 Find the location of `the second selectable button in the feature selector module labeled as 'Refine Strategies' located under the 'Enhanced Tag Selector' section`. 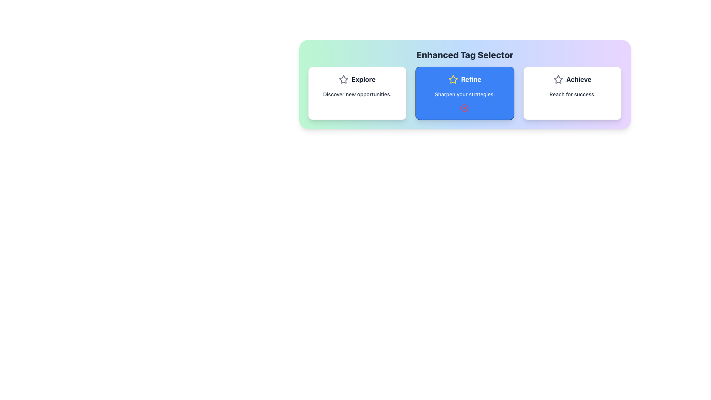

the second selectable button in the feature selector module labeled as 'Refine Strategies' located under the 'Enhanced Tag Selector' section is located at coordinates (464, 84).